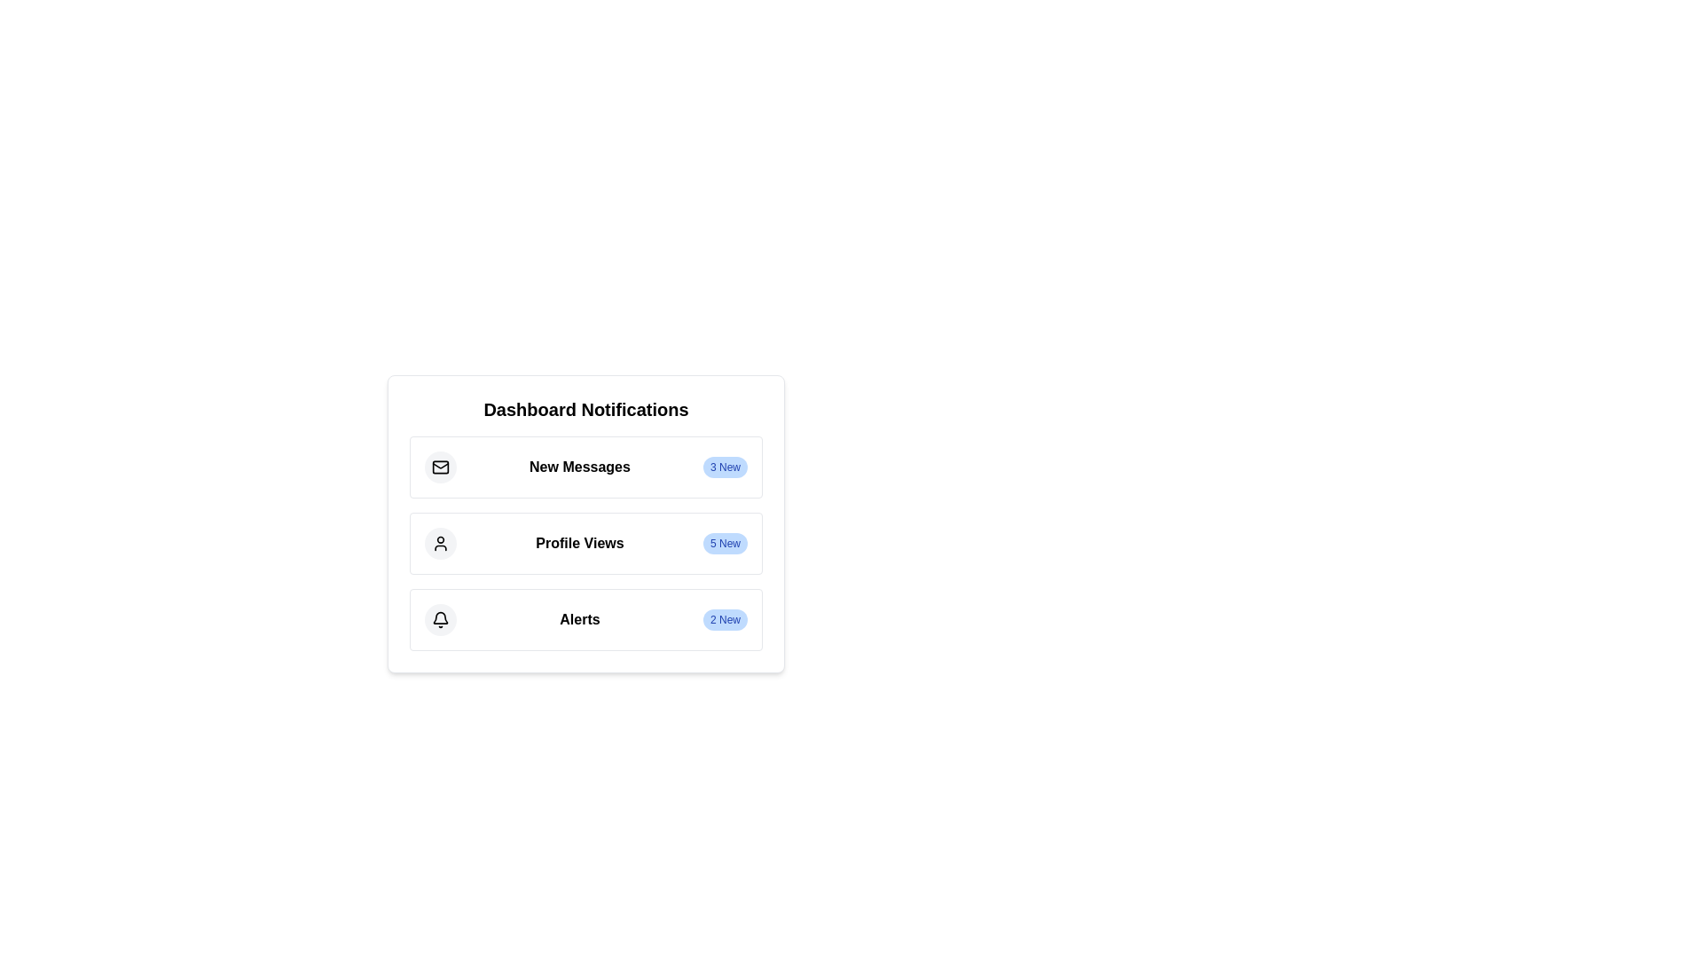 This screenshot has width=1703, height=958. What do you see at coordinates (441, 616) in the screenshot?
I see `the alert notification icon, which is a curved bell shape located at the bottom of the notification list in the 'Alerts' section` at bounding box center [441, 616].